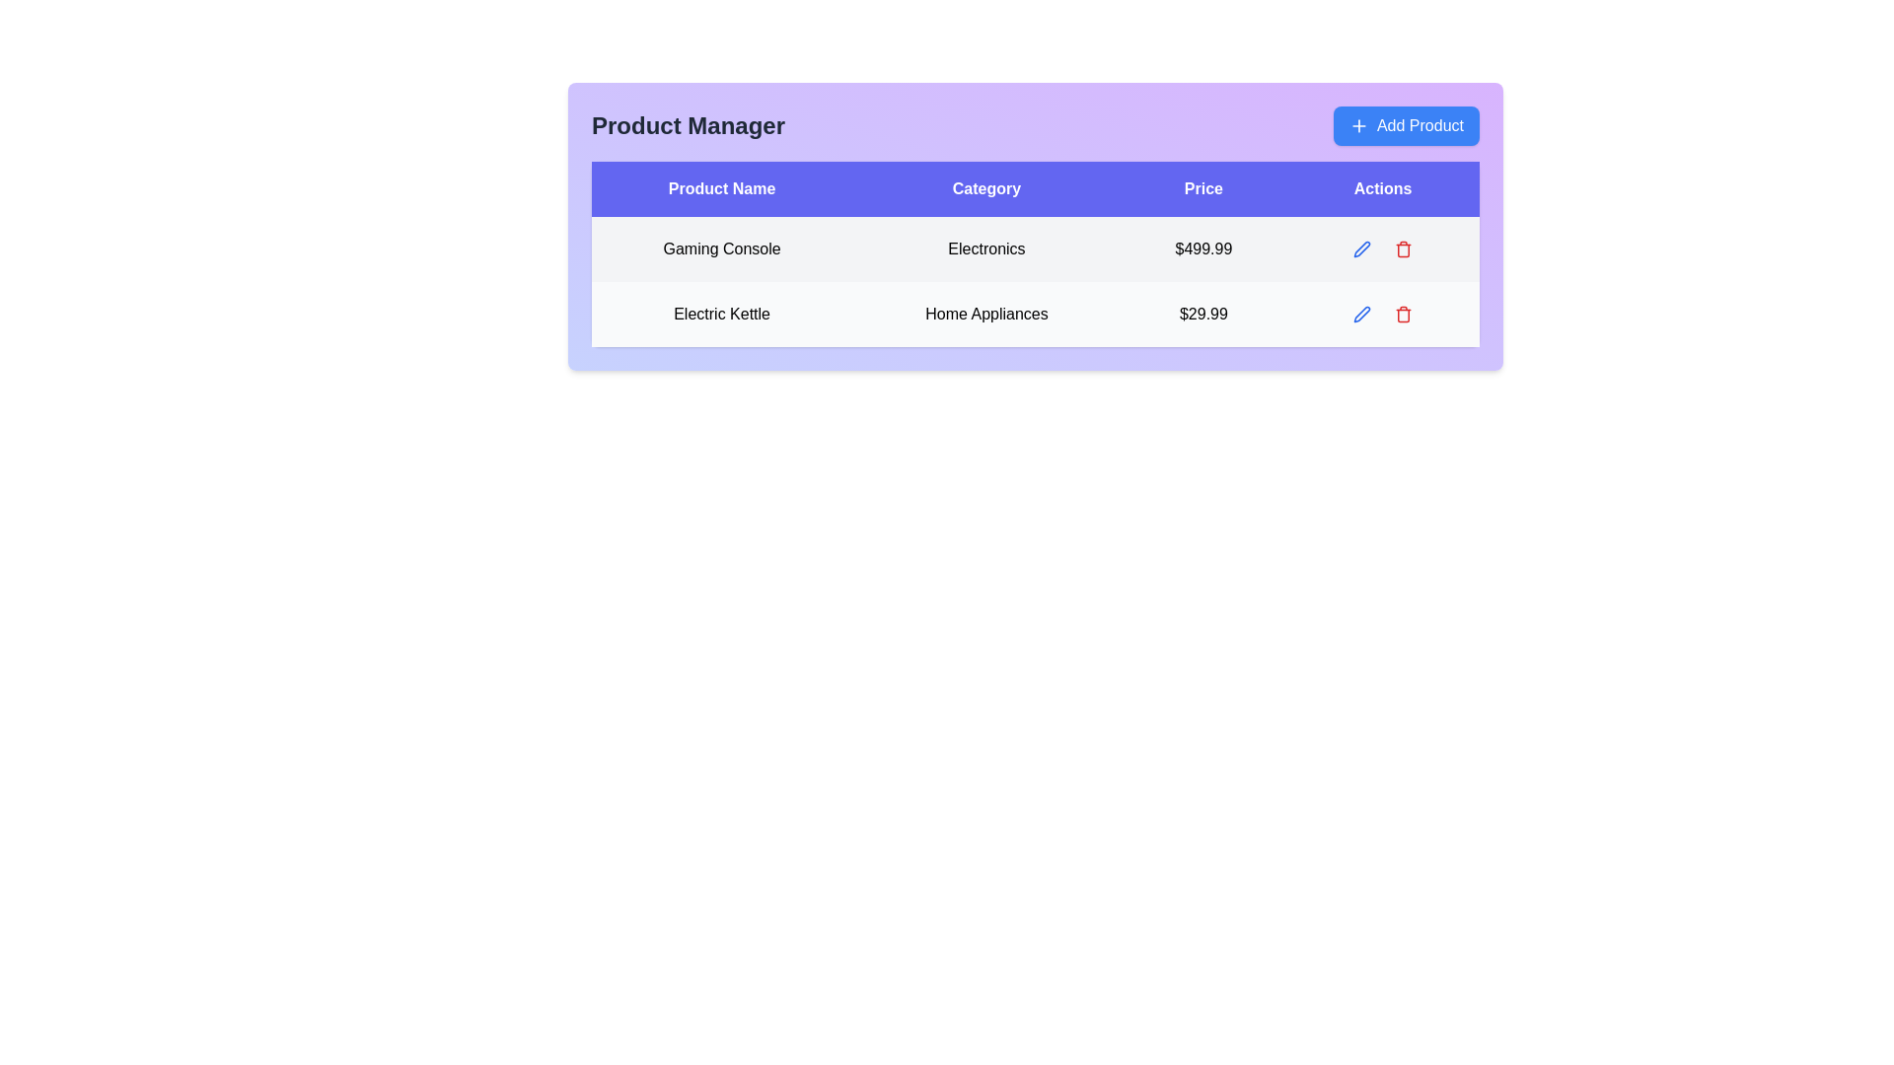 This screenshot has width=1894, height=1065. What do you see at coordinates (721, 248) in the screenshot?
I see `the Text label that identifies the product in the first row under the 'Product Name' column of the product listing table` at bounding box center [721, 248].